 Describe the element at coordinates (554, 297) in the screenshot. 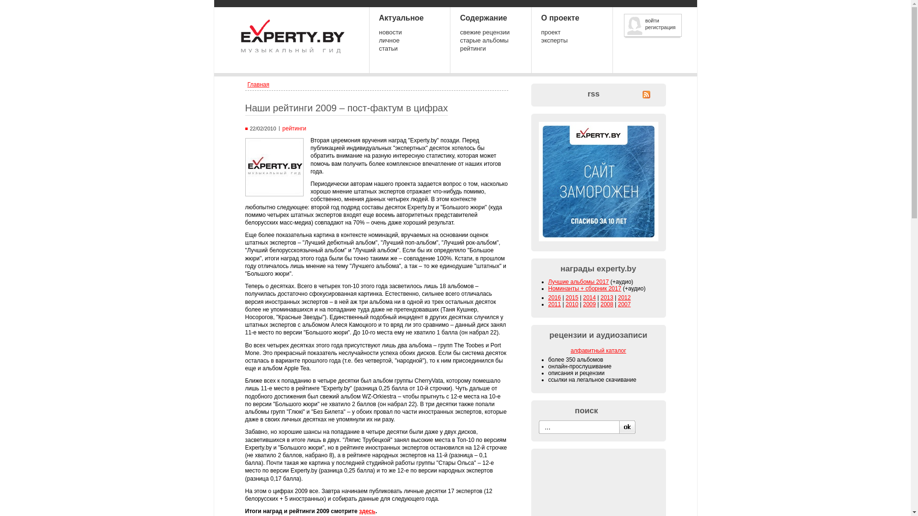

I see `'2016'` at that location.